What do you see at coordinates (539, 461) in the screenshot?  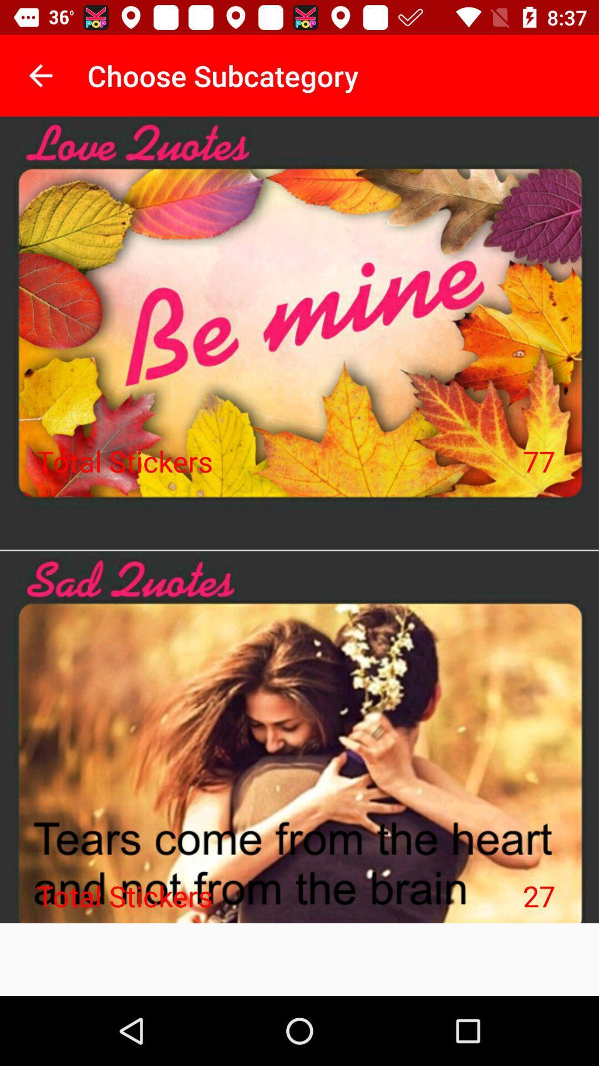 I see `the item on the right` at bounding box center [539, 461].